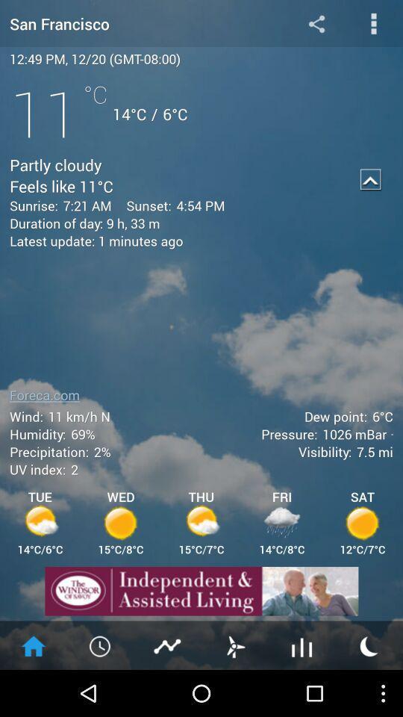 The width and height of the screenshot is (403, 717). Describe the element at coordinates (373, 25) in the screenshot. I see `the more icon` at that location.